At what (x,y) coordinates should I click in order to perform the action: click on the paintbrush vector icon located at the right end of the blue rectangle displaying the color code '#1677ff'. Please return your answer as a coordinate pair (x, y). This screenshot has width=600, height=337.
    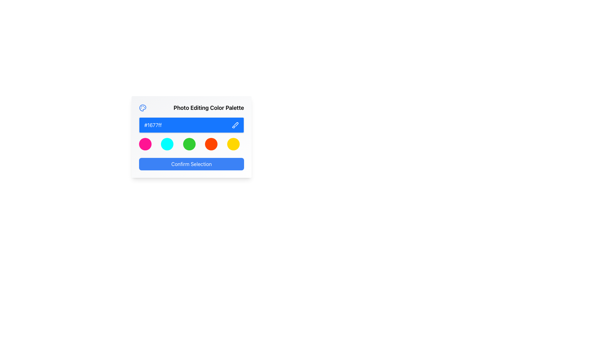
    Looking at the image, I should click on (235, 125).